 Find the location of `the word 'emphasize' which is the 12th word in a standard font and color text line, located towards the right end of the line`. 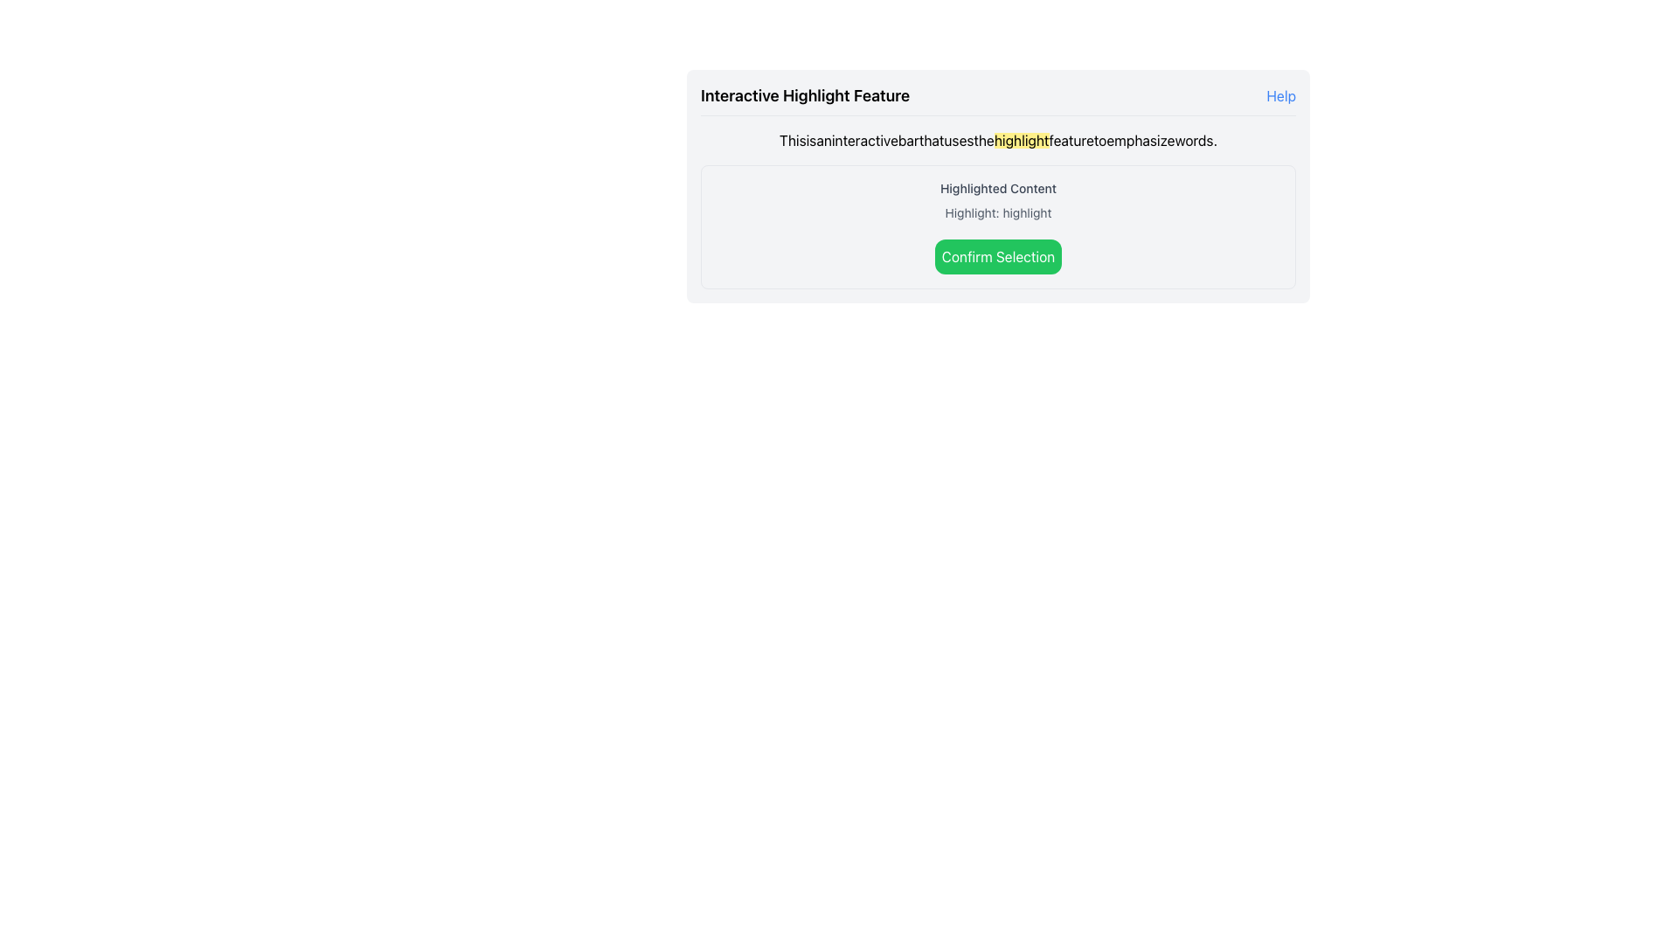

the word 'emphasize' which is the 12th word in a standard font and color text line, located towards the right end of the line is located at coordinates (1141, 140).